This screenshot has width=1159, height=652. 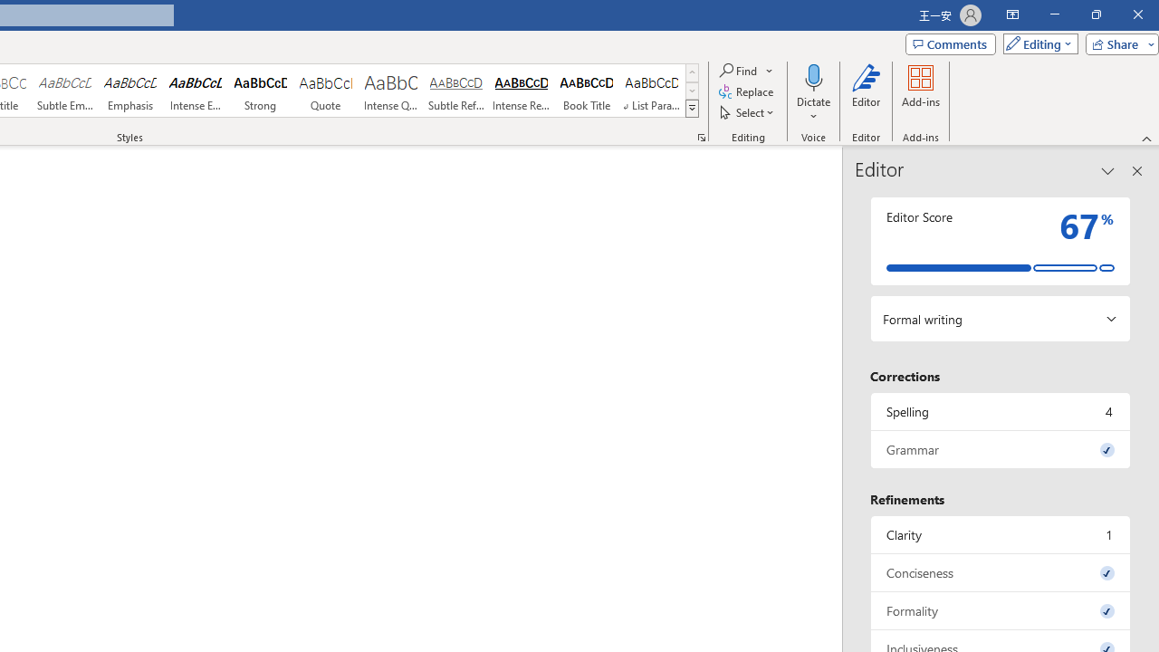 What do you see at coordinates (1000, 448) in the screenshot?
I see `'Grammar, 0 issues. Press space or enter to review items.'` at bounding box center [1000, 448].